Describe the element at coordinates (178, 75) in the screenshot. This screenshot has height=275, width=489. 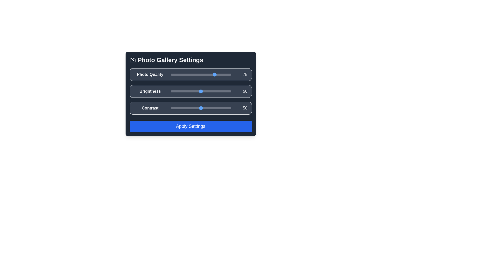
I see `the photo quality` at that location.